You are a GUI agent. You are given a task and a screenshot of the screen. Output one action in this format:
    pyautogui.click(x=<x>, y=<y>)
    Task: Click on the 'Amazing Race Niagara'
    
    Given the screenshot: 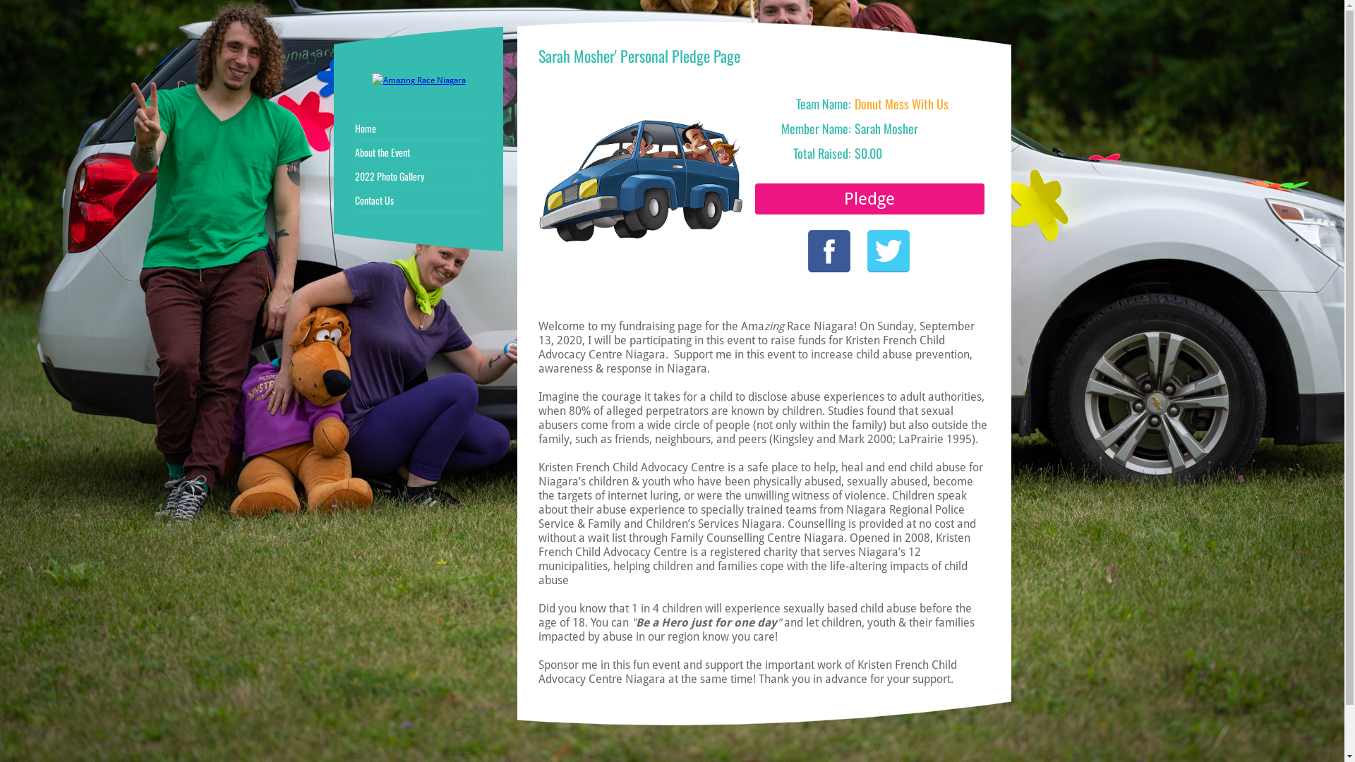 What is the action you would take?
    pyautogui.click(x=417, y=80)
    